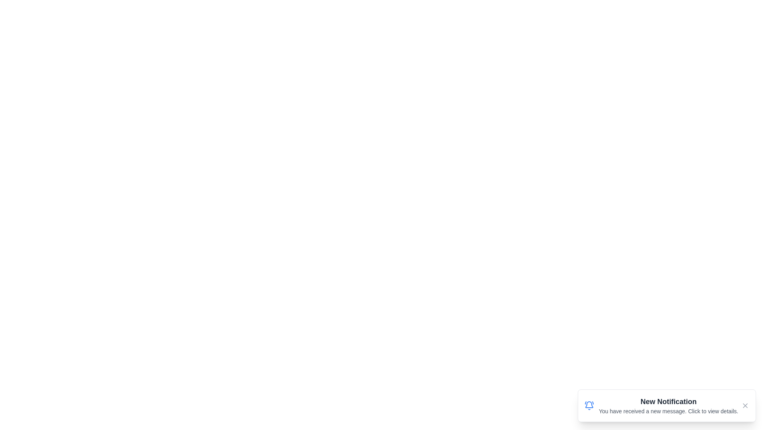  Describe the element at coordinates (668, 411) in the screenshot. I see `text paragraph that states, 'You have received a new message. Click to view details.' positioned in the lower section of the notification box, below the 'New Notification' title` at that location.